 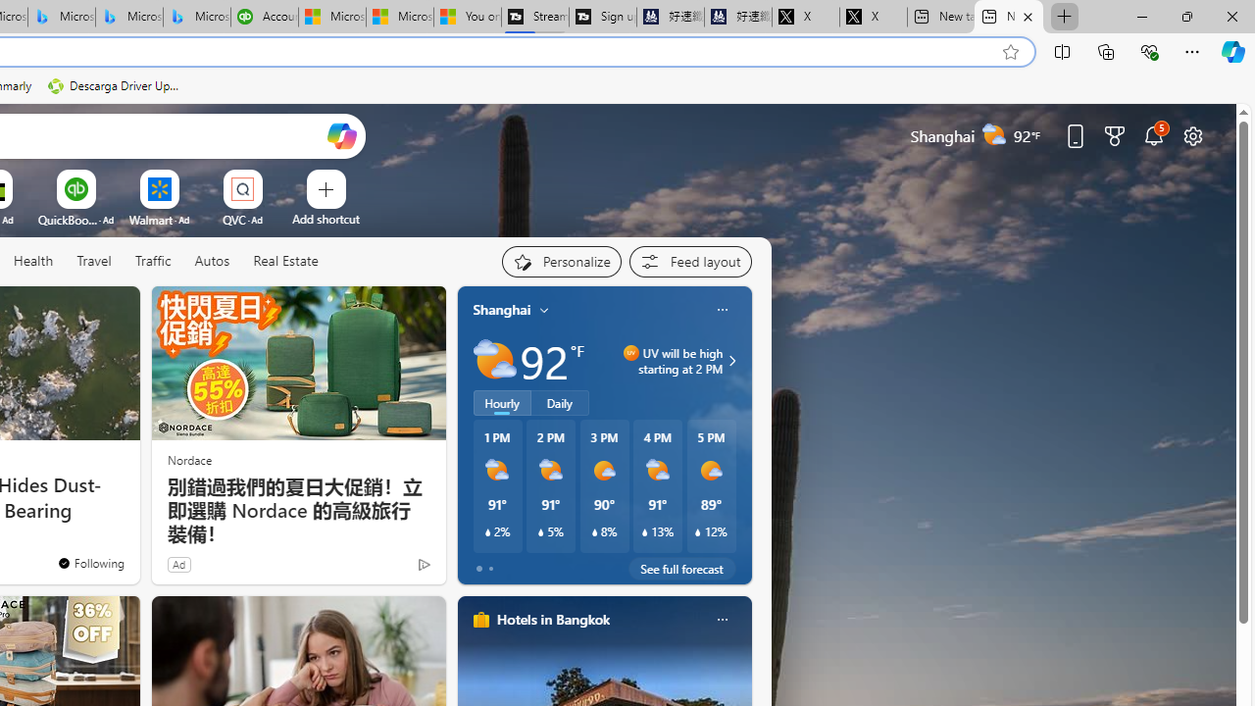 What do you see at coordinates (559, 402) in the screenshot?
I see `'Daily'` at bounding box center [559, 402].